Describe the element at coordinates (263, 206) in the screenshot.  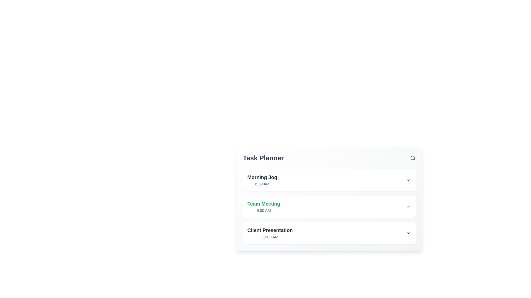
I see `the second scheduled event text display element in the task planner interface, which conveys information about the meeting's name and start time, positioned between 'Morning Jog' and 'Client Presentation'` at that location.